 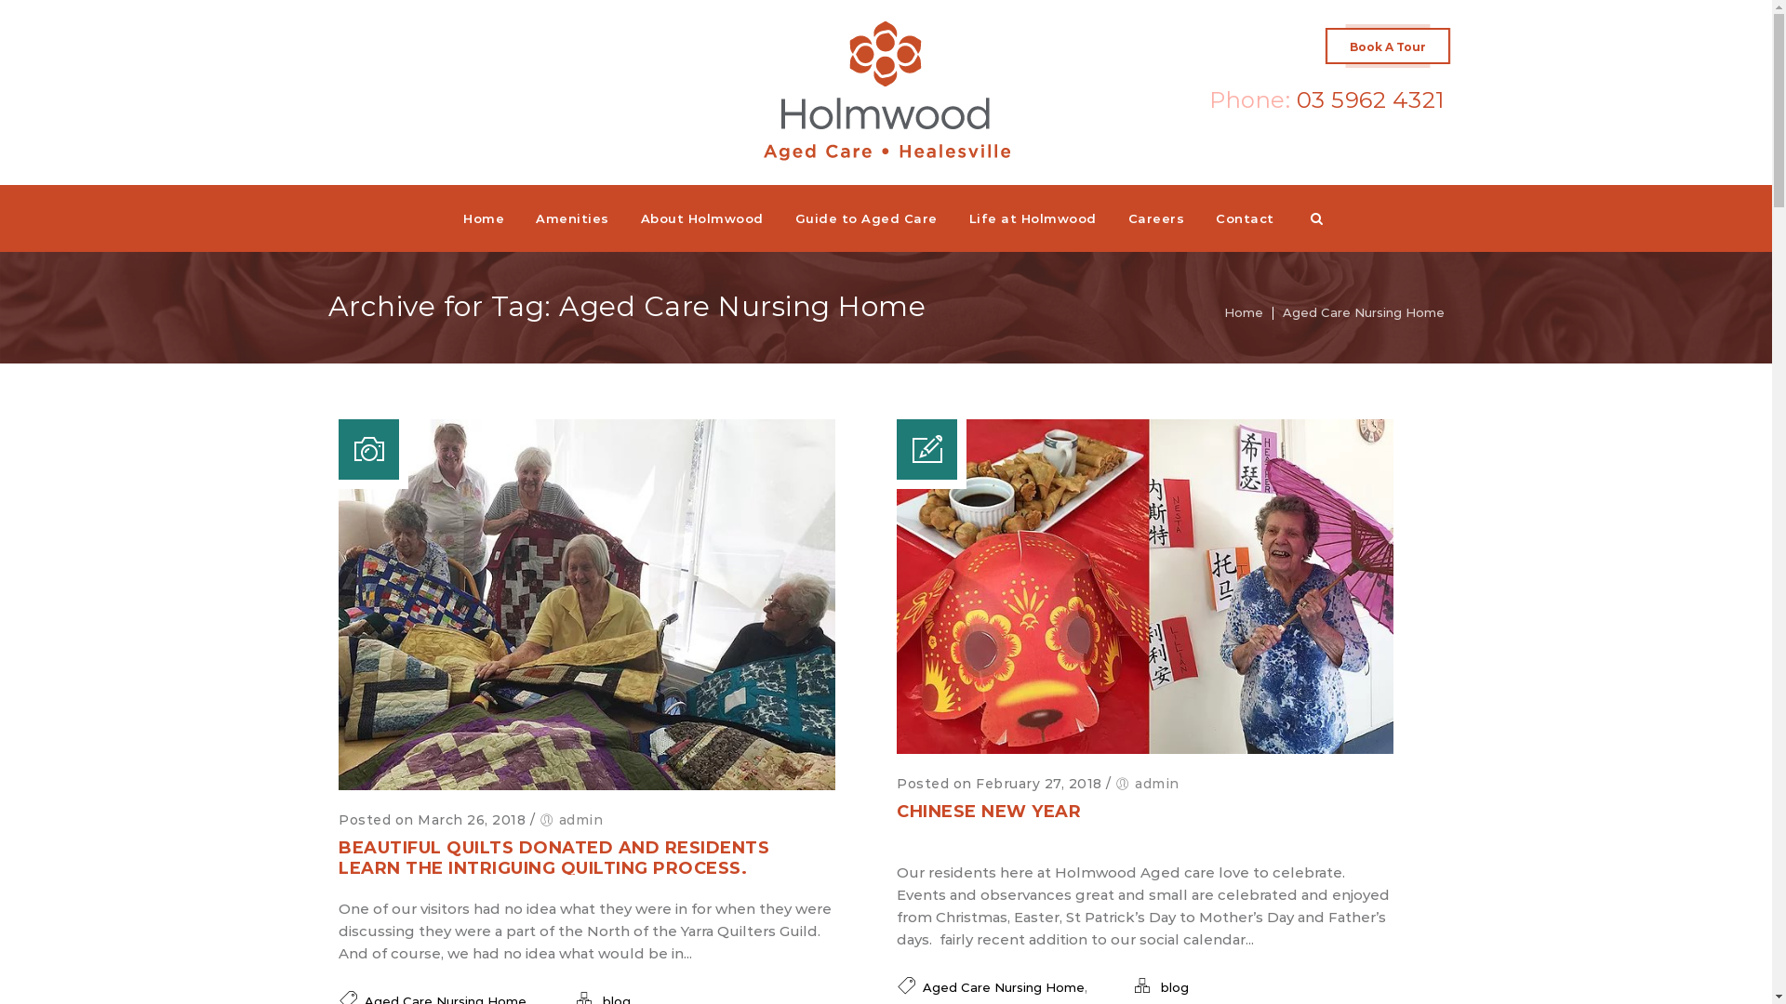 What do you see at coordinates (865, 218) in the screenshot?
I see `'Guide to Aged Care'` at bounding box center [865, 218].